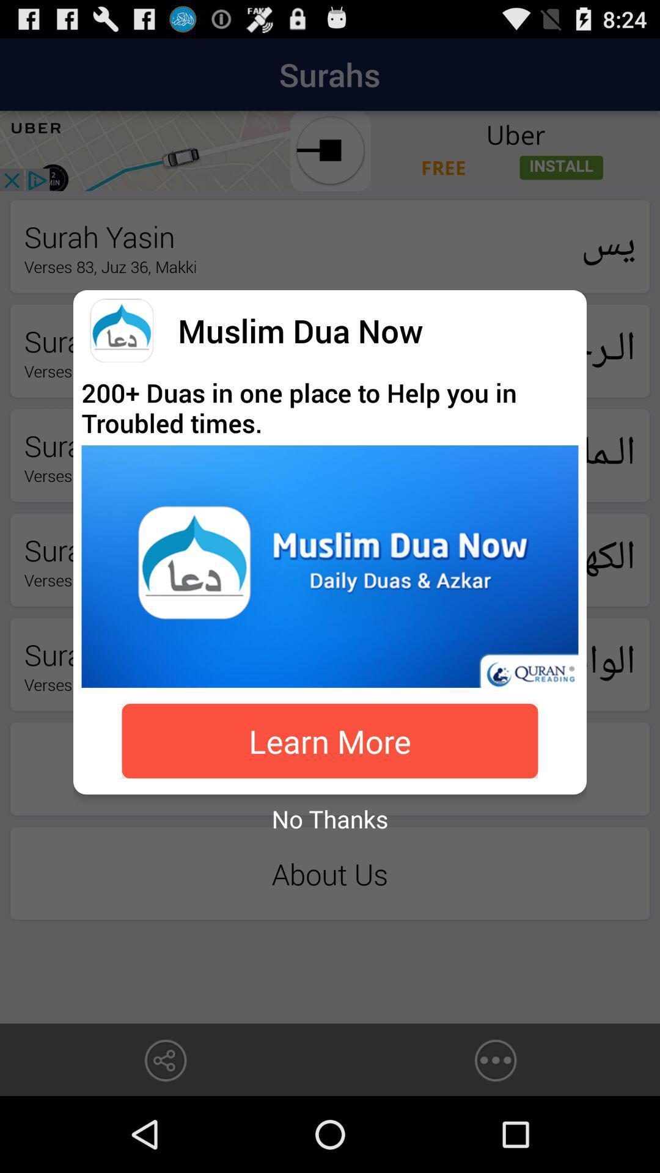 This screenshot has width=660, height=1173. Describe the element at coordinates (330, 740) in the screenshot. I see `learn more` at that location.